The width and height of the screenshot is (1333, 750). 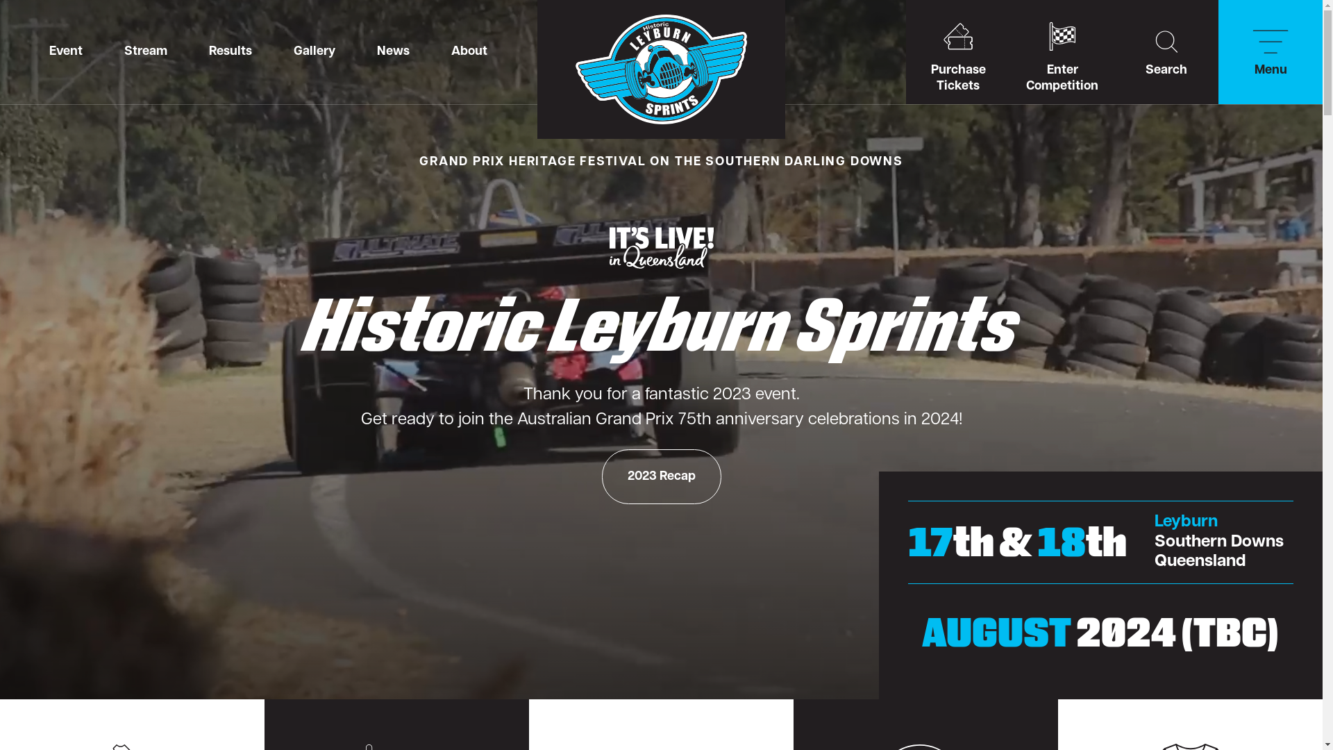 I want to click on 'Purchase Tickets', so click(x=957, y=51).